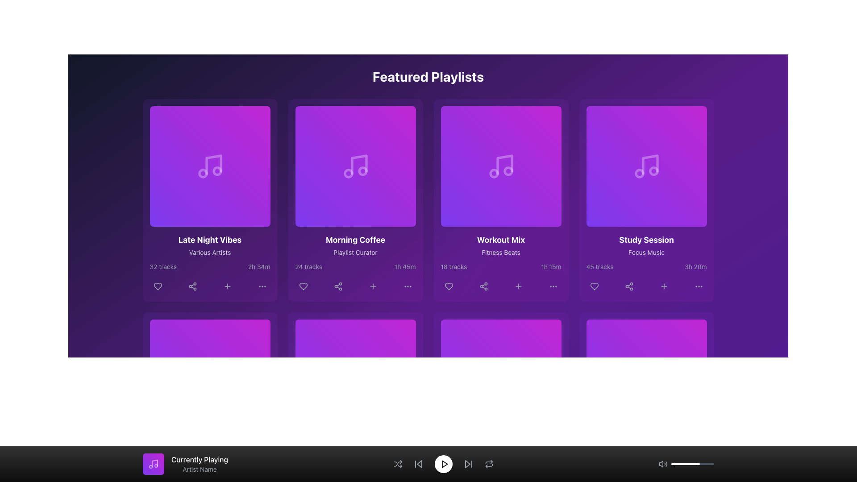  Describe the element at coordinates (686, 464) in the screenshot. I see `the volume level` at that location.